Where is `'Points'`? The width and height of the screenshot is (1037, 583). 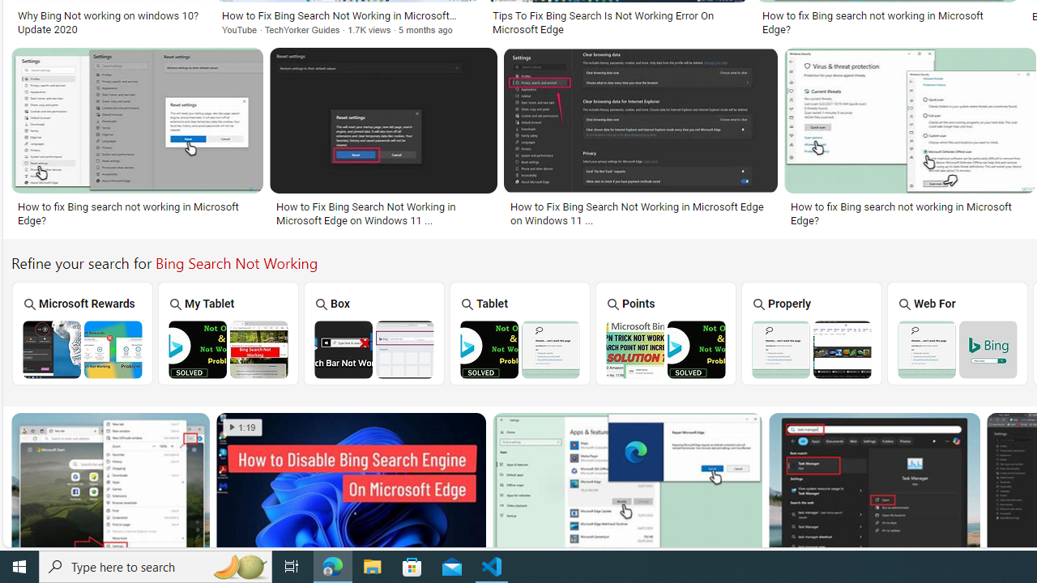 'Points' is located at coordinates (665, 332).